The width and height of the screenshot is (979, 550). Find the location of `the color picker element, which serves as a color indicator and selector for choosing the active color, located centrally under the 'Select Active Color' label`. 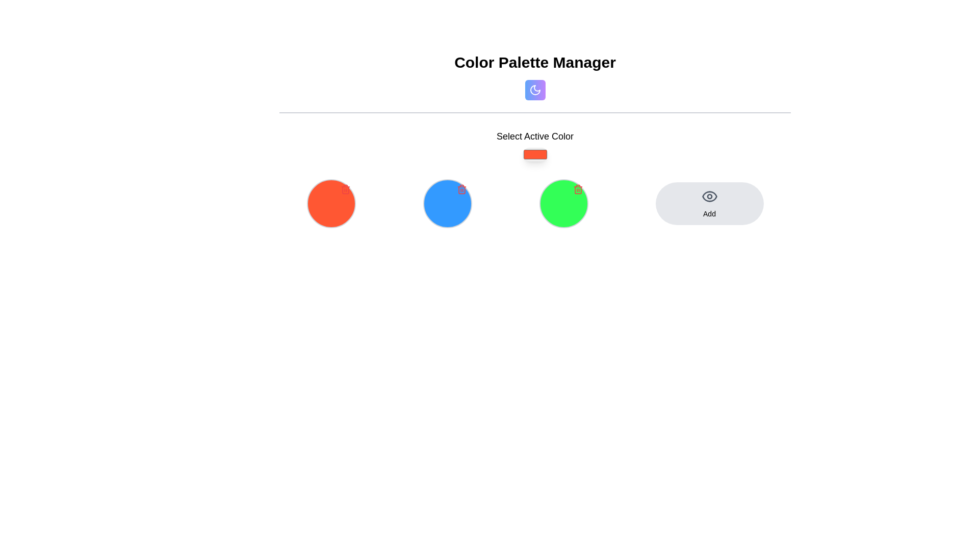

the color picker element, which serves as a color indicator and selector for choosing the active color, located centrally under the 'Select Active Color' label is located at coordinates (534, 154).